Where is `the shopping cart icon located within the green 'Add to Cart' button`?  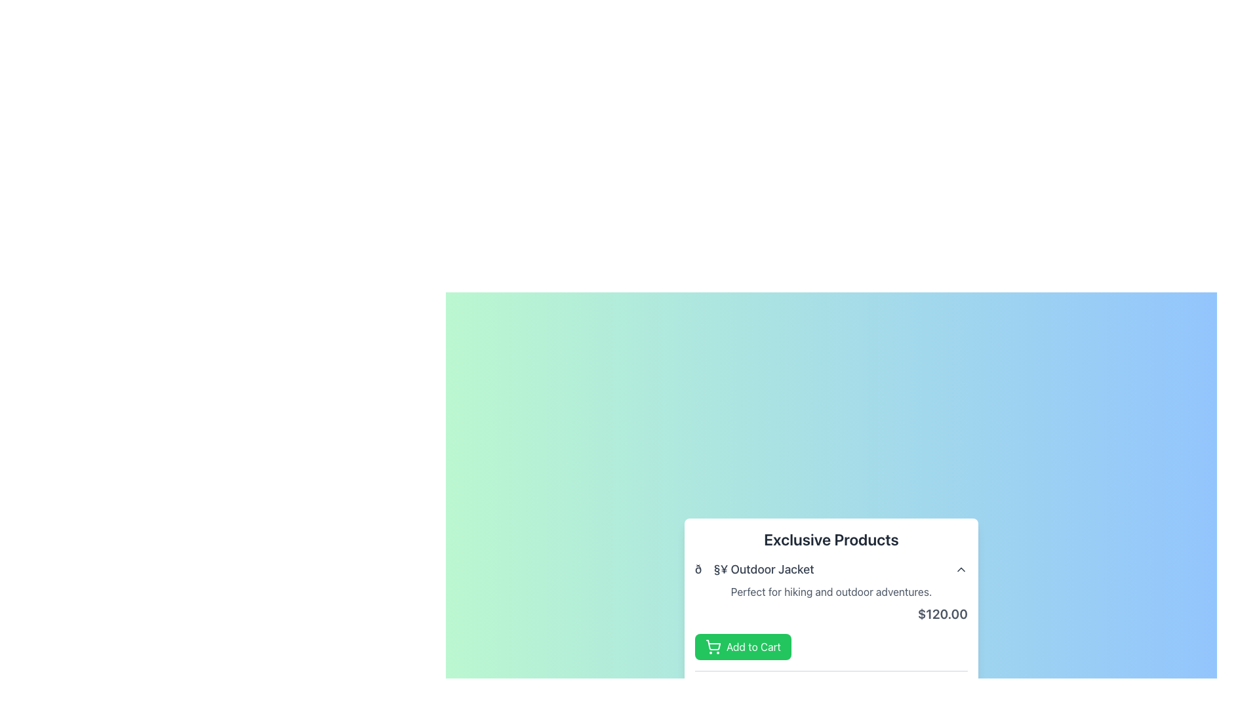
the shopping cart icon located within the green 'Add to Cart' button is located at coordinates (713, 644).